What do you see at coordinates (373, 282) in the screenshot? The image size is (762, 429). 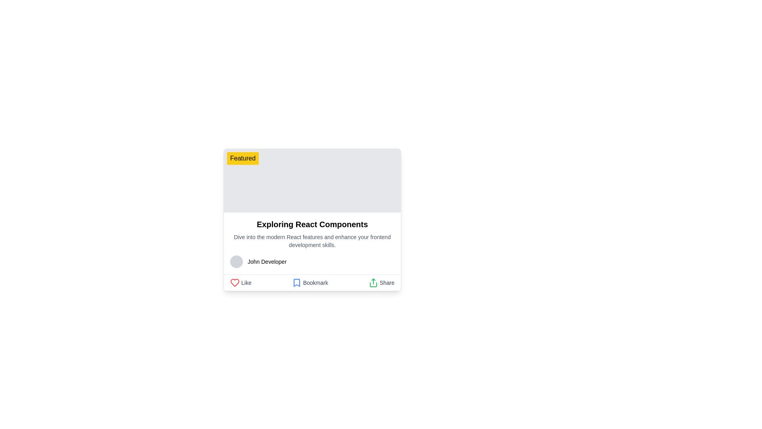 I see `the 'Share' icon, which is a green upward arrow icon located in the bottom-right corner of a card-like interface, to initiate a sharing action` at bounding box center [373, 282].